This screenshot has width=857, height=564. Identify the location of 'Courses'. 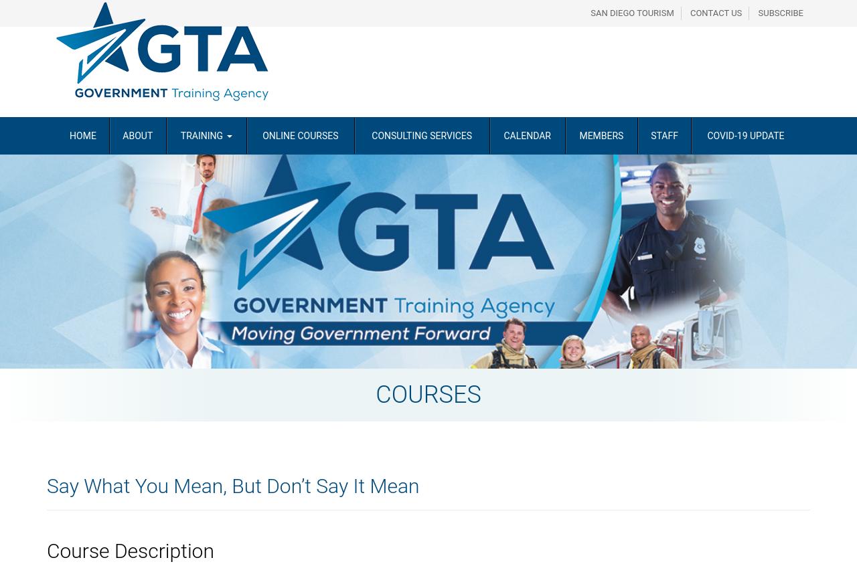
(427, 393).